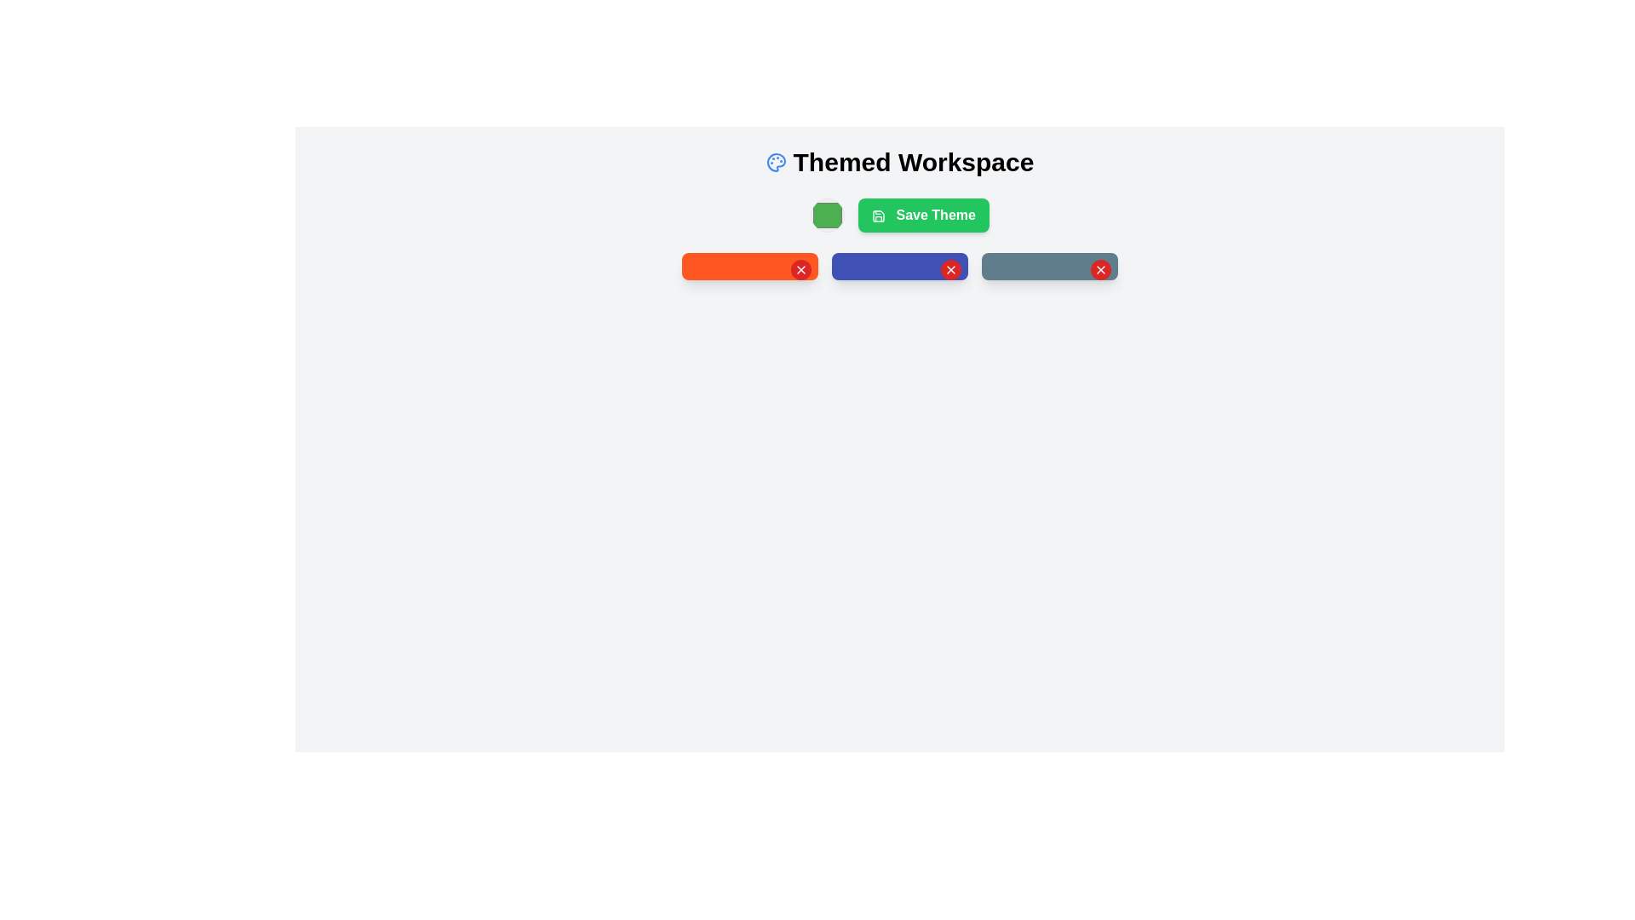  What do you see at coordinates (1100, 268) in the screenshot?
I see `the circular red button with a white 'X' symbol located at the top-right corner of the third card in the 'Themed Workspace' section` at bounding box center [1100, 268].